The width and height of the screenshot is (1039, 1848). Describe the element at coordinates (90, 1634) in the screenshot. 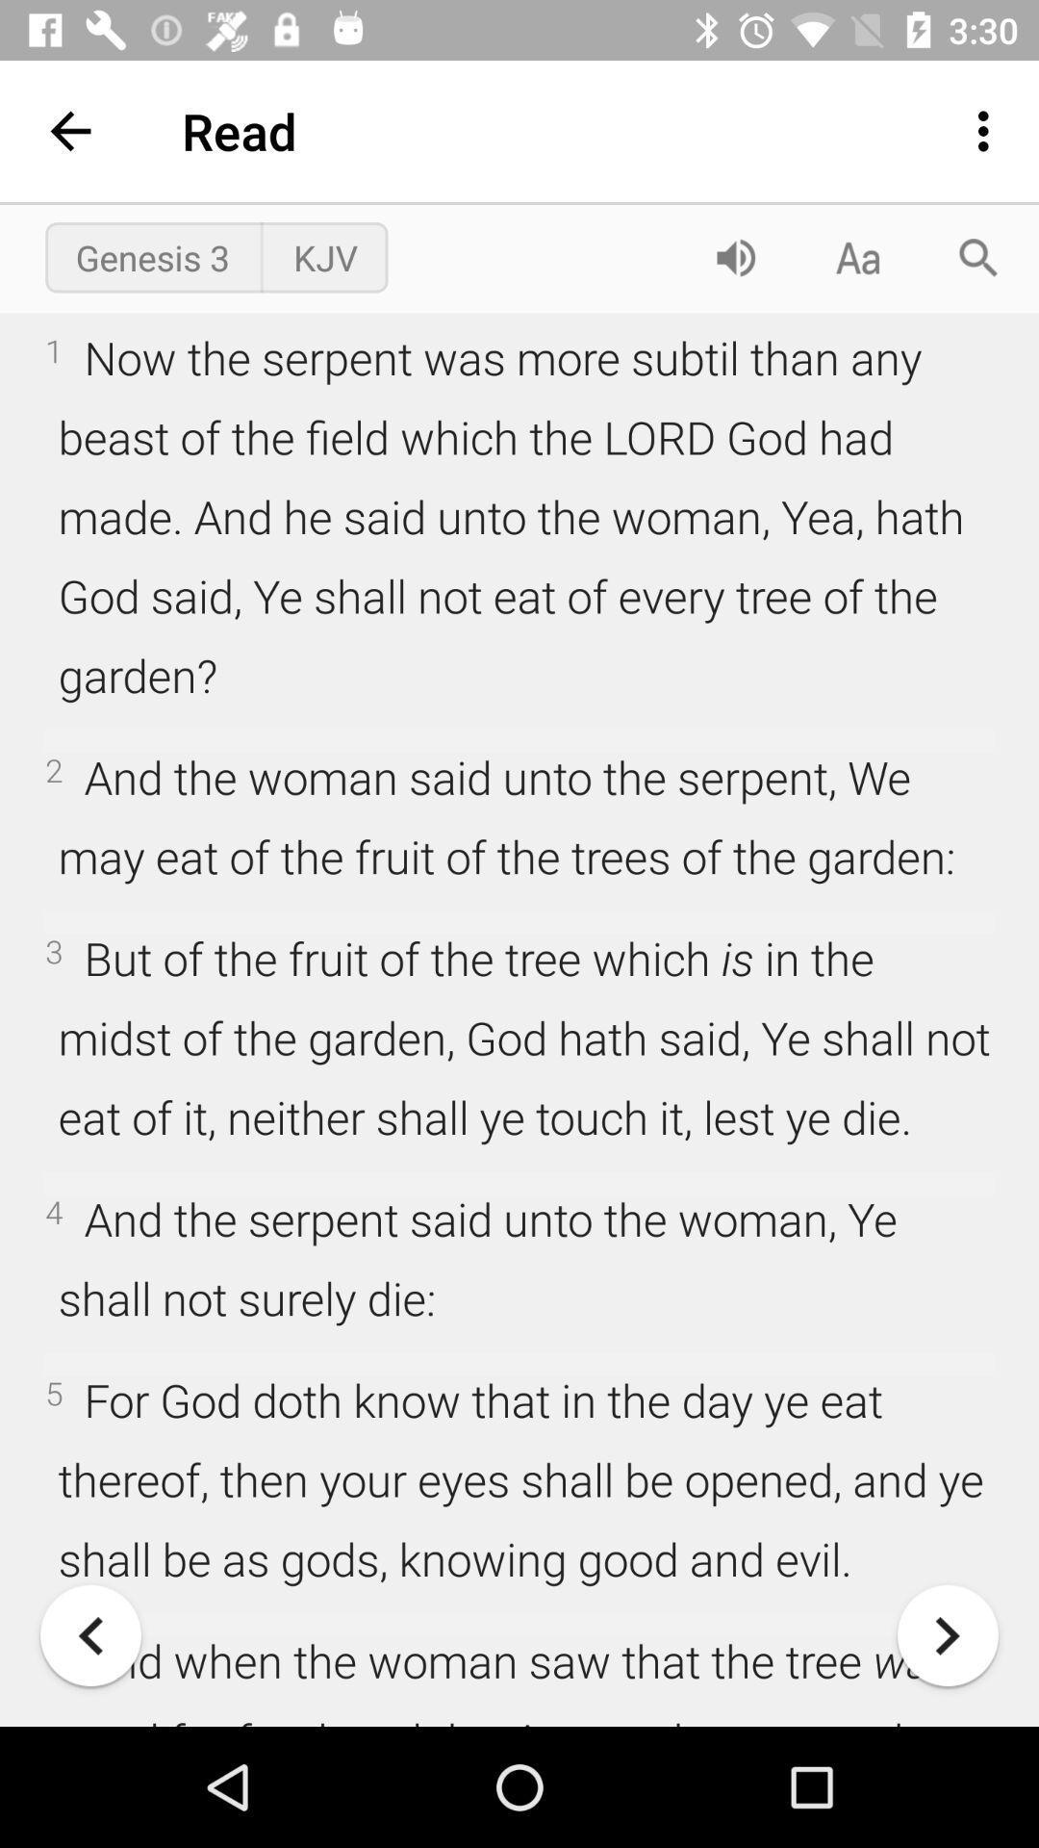

I see `the arrow_backward icon` at that location.